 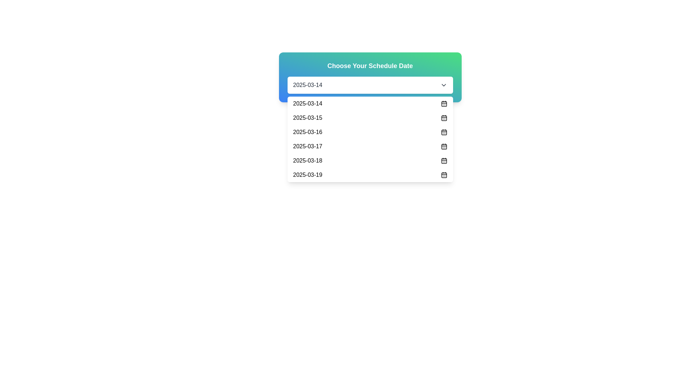 I want to click on the dropdown toggle button represented as a downward-facing chevron icon located on the extreme right side of the input field labeled '2025-03-14', so click(x=443, y=85).